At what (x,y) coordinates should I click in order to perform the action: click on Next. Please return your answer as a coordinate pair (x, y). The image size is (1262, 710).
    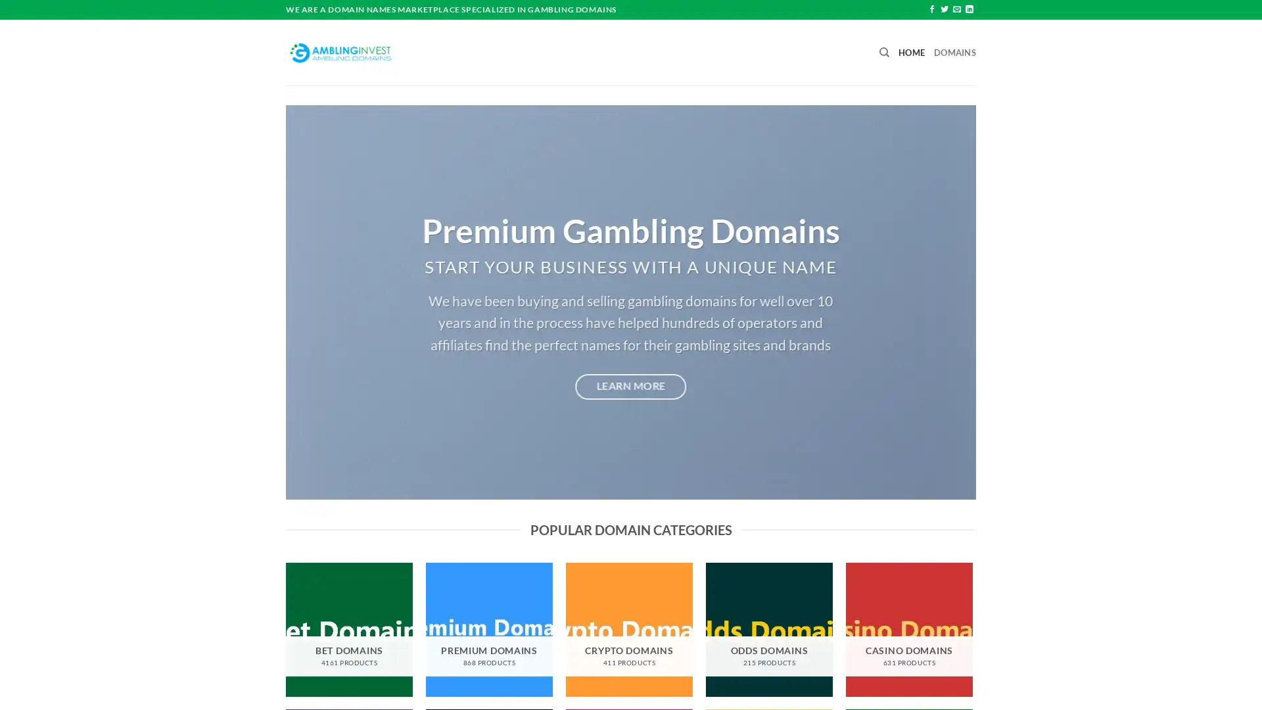
    Looking at the image, I should click on (971, 634).